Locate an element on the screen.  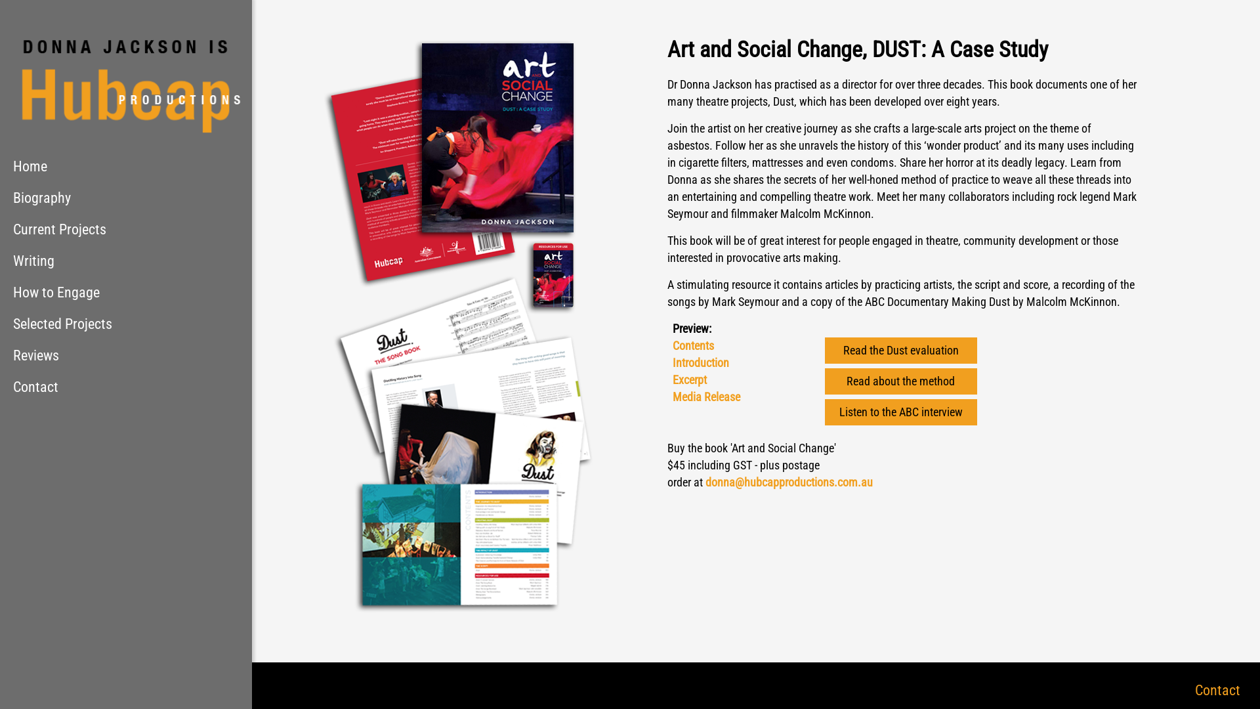
'Contents' is located at coordinates (692, 345).